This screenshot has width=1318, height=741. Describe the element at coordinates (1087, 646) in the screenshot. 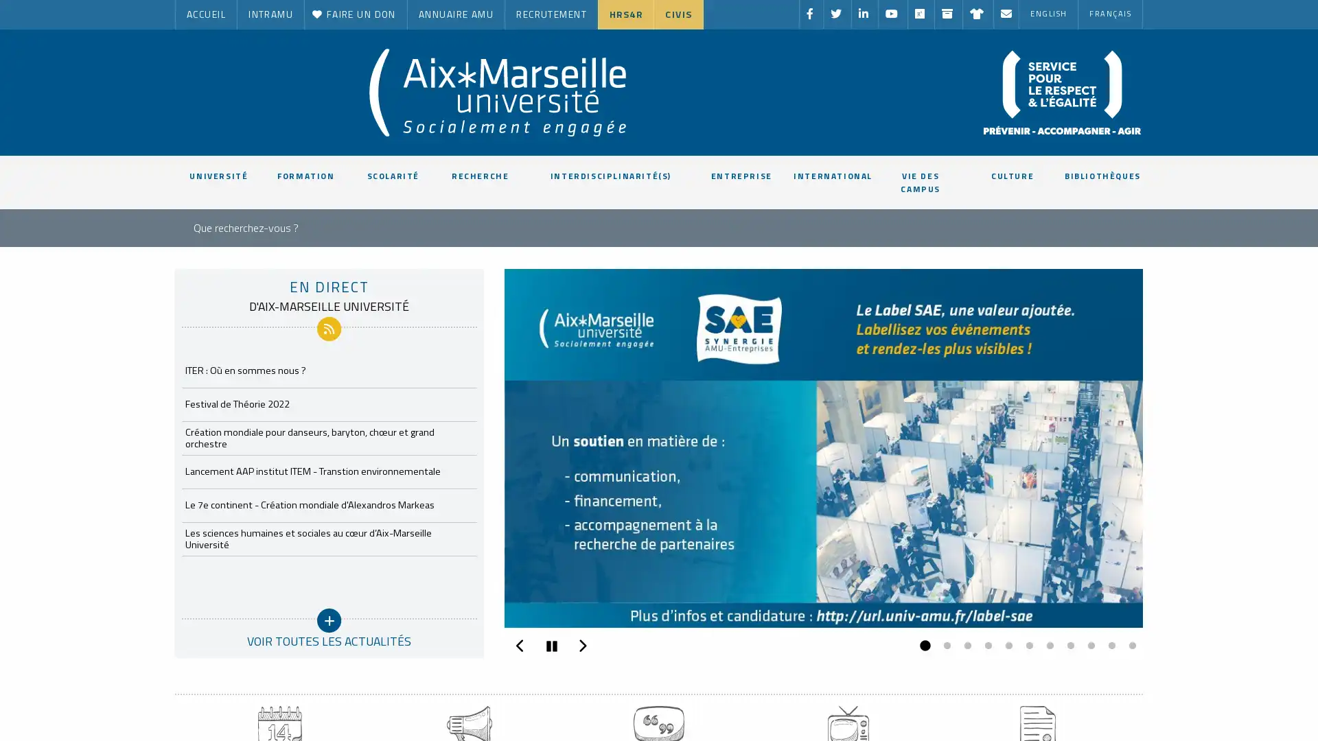

I see `Go to slide 9` at that location.